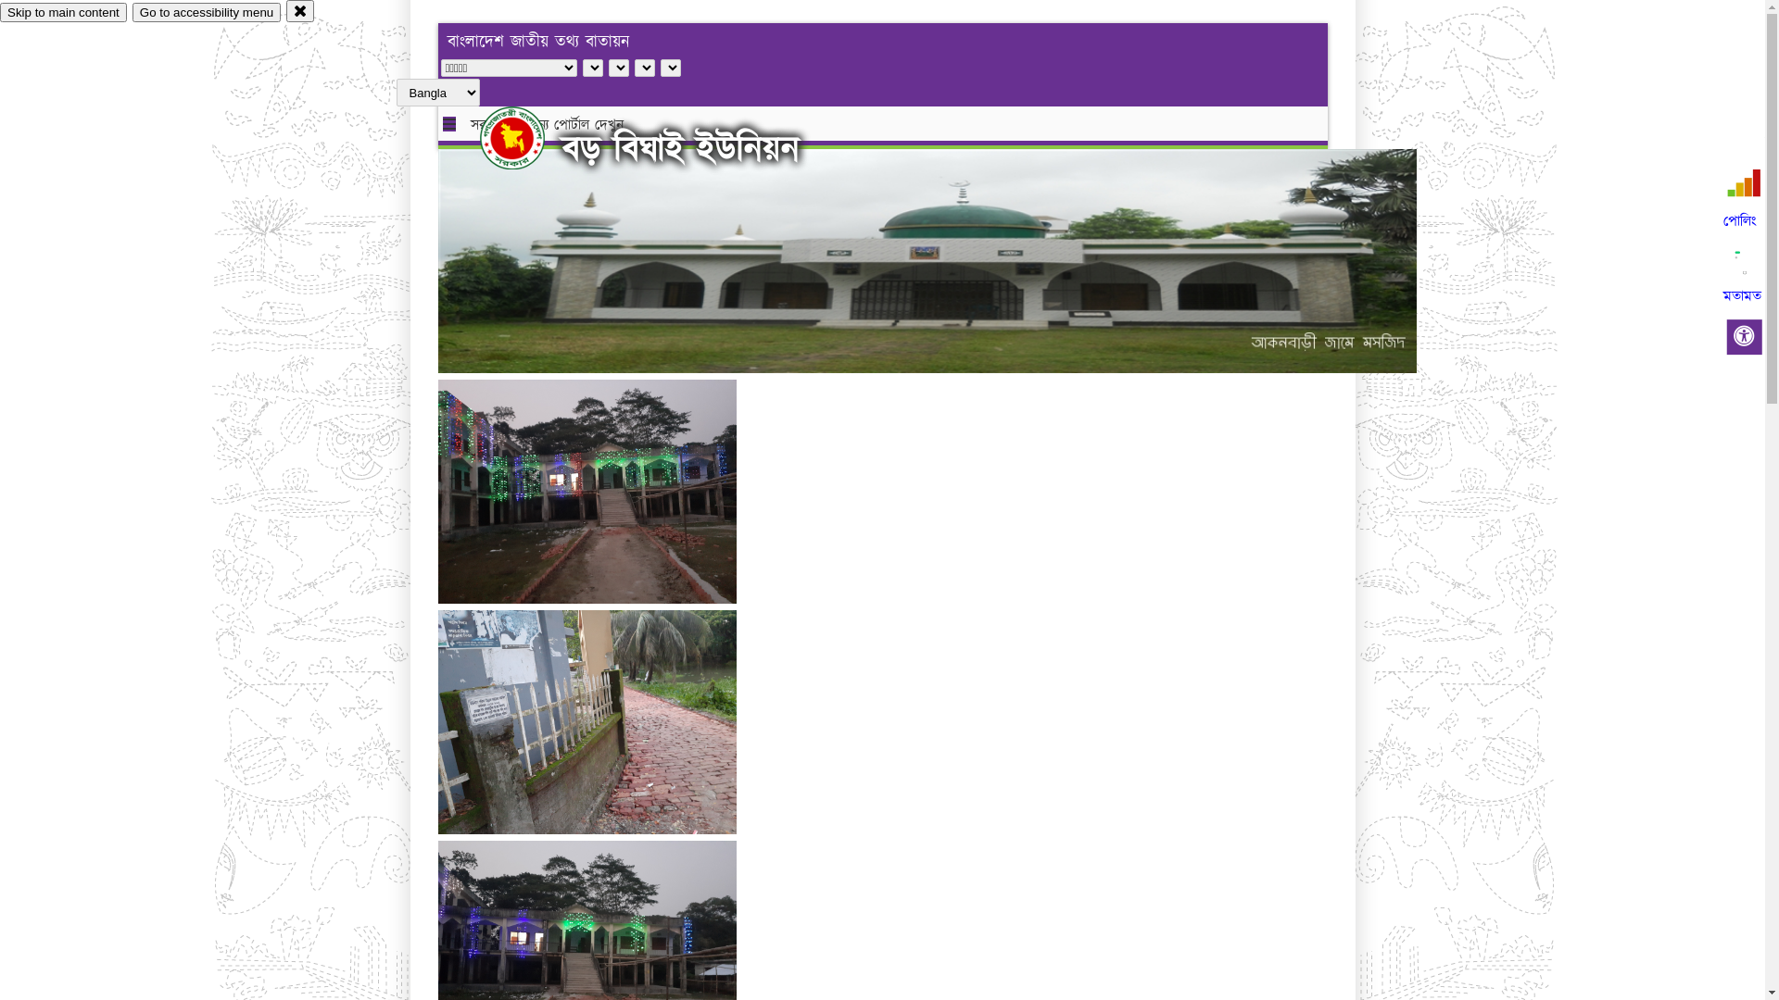 This screenshot has width=1779, height=1000. I want to click on ', so click(480, 137).